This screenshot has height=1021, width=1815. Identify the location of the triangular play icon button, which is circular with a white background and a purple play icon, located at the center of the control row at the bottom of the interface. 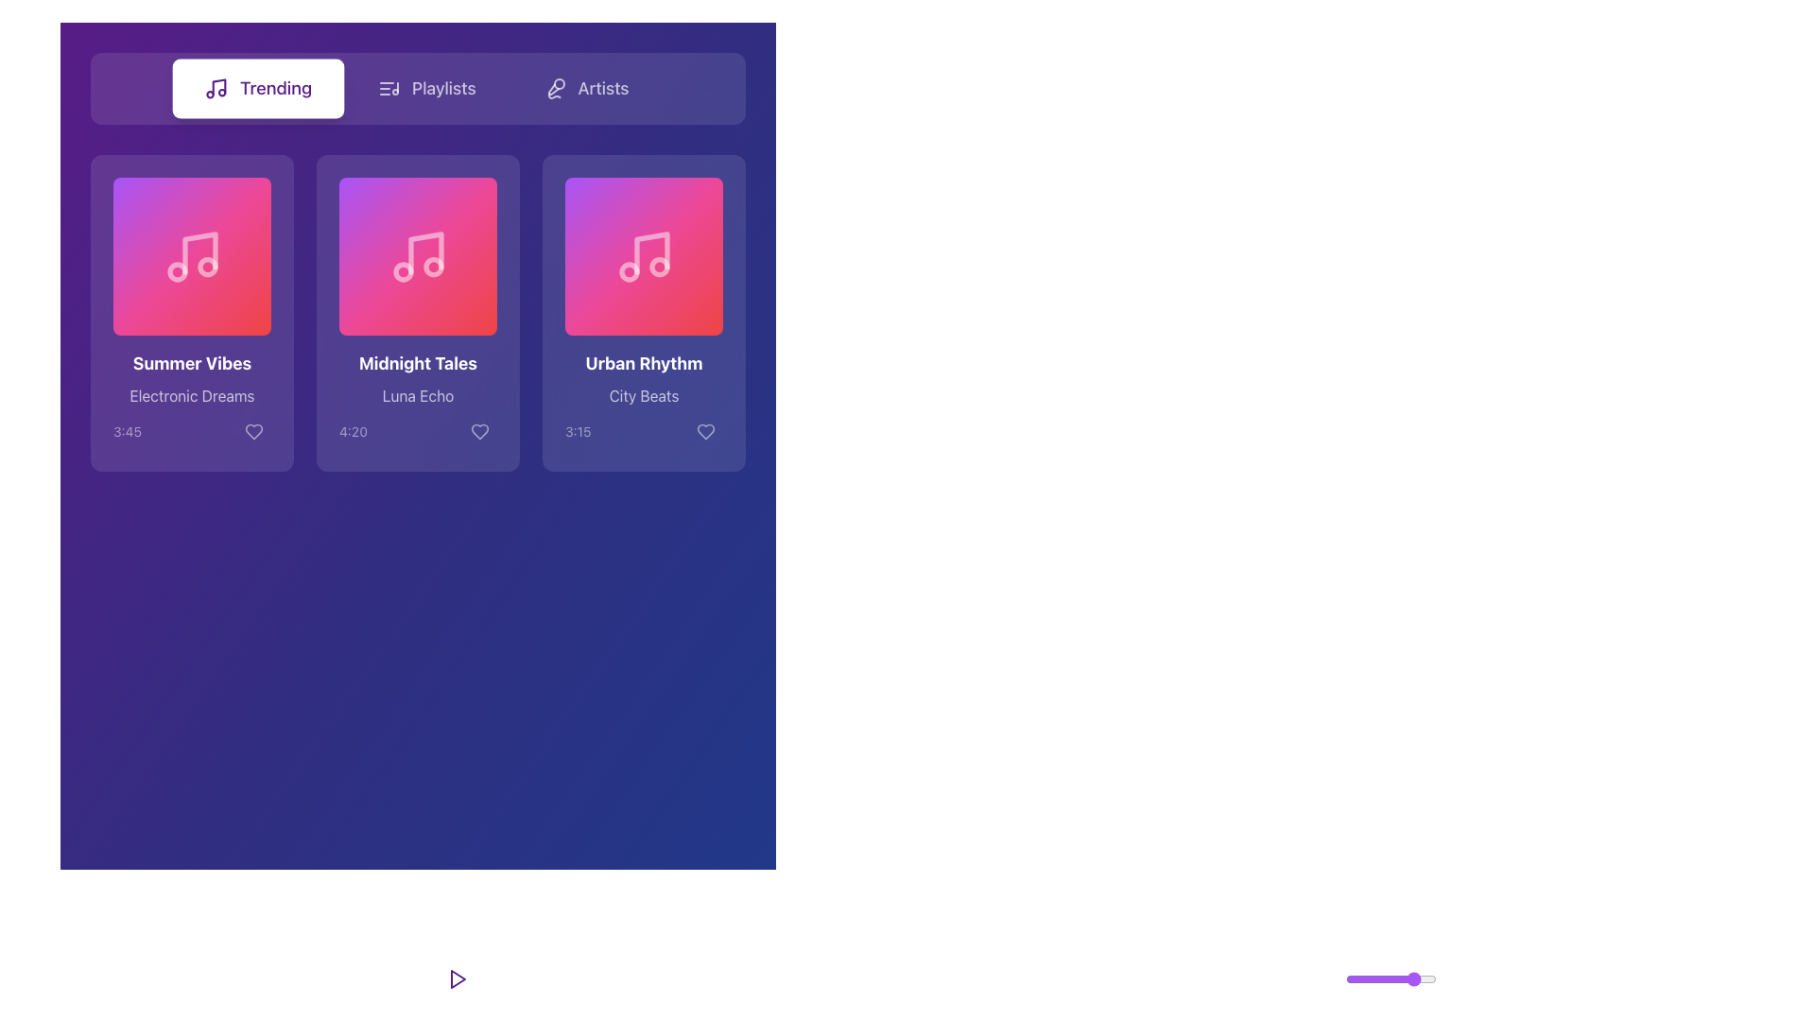
(458, 978).